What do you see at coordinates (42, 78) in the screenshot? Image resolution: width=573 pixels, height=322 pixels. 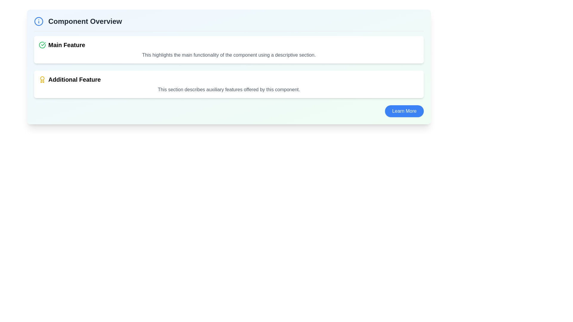 I see `the decorative circle element that forms part of the award icon, located slightly above the center of the icon and to the left of the 'Additional Feature' label` at bounding box center [42, 78].